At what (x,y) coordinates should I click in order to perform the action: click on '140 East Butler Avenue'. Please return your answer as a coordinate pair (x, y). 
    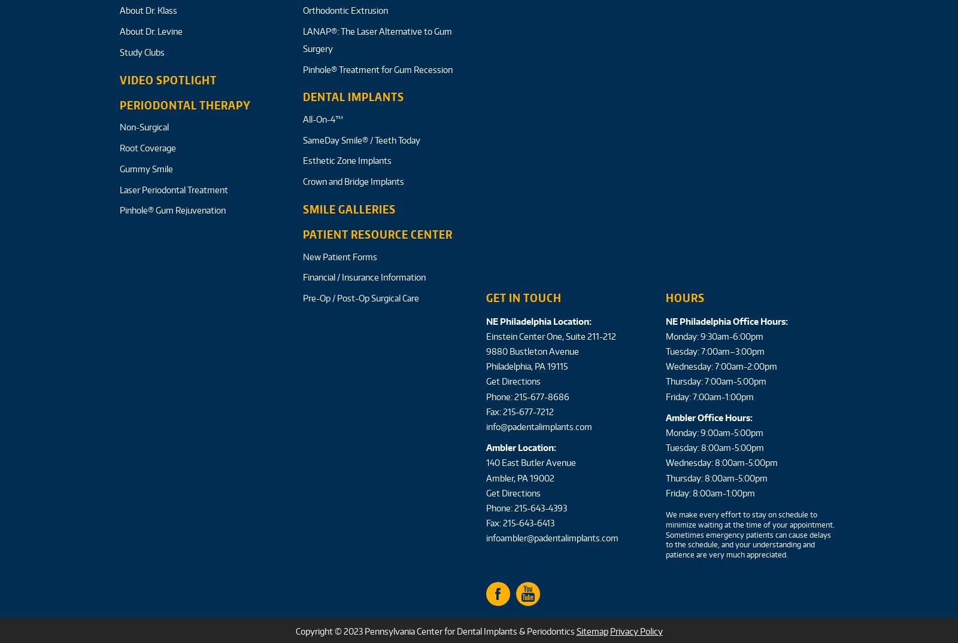
    Looking at the image, I should click on (530, 462).